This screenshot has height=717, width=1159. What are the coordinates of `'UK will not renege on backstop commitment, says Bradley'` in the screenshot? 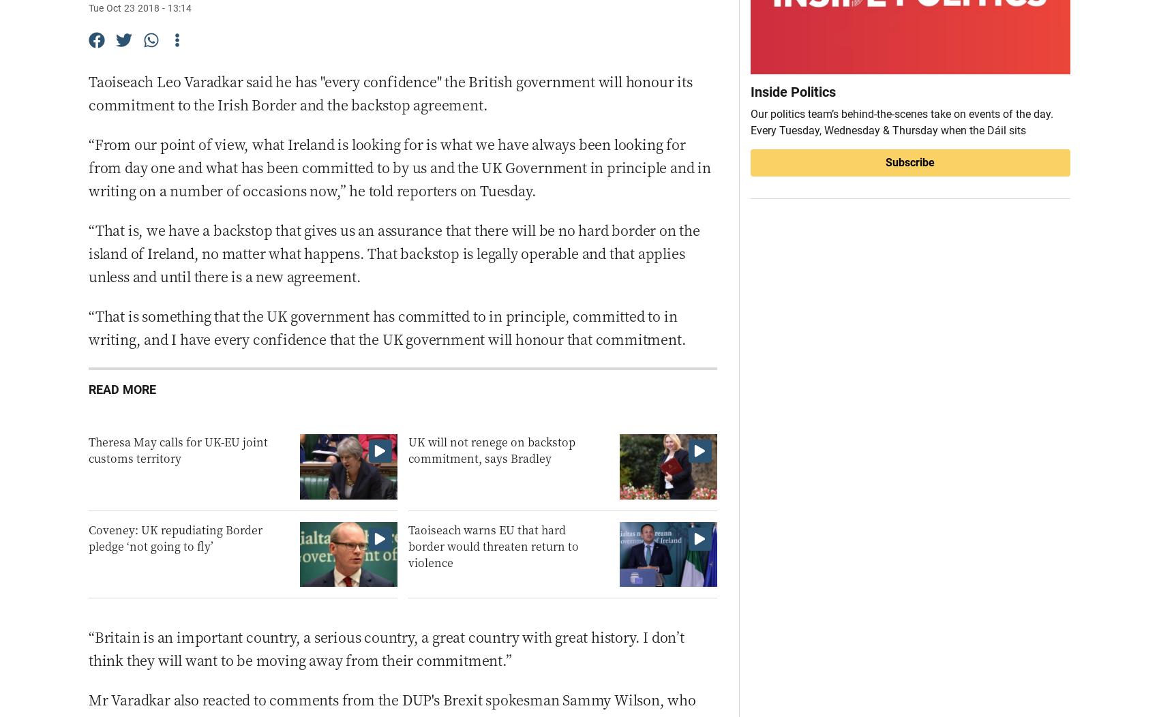 It's located at (491, 449).